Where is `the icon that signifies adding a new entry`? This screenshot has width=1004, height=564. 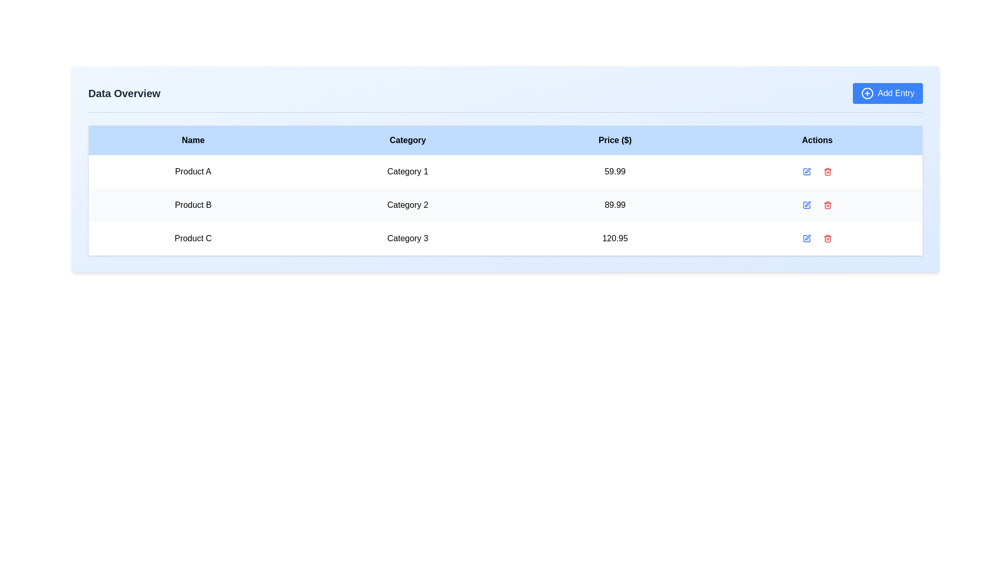 the icon that signifies adding a new entry is located at coordinates (867, 92).